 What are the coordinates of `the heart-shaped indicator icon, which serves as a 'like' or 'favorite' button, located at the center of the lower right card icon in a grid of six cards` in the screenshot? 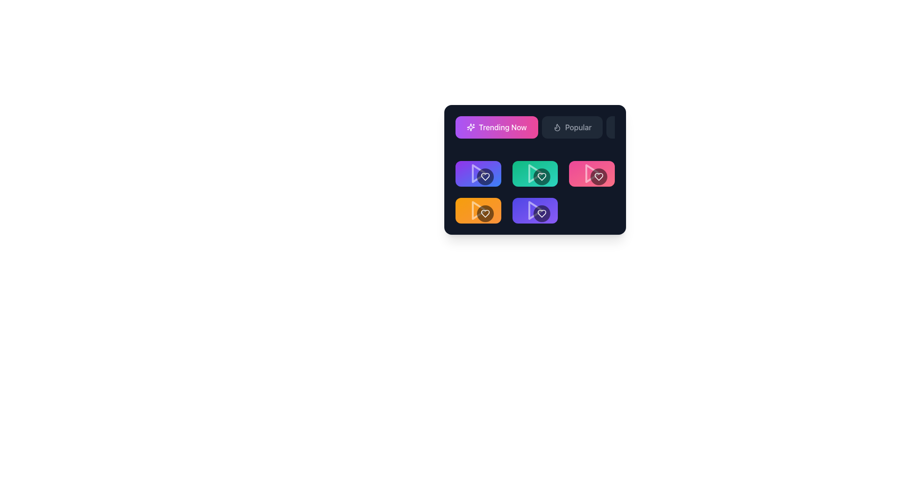 It's located at (542, 213).